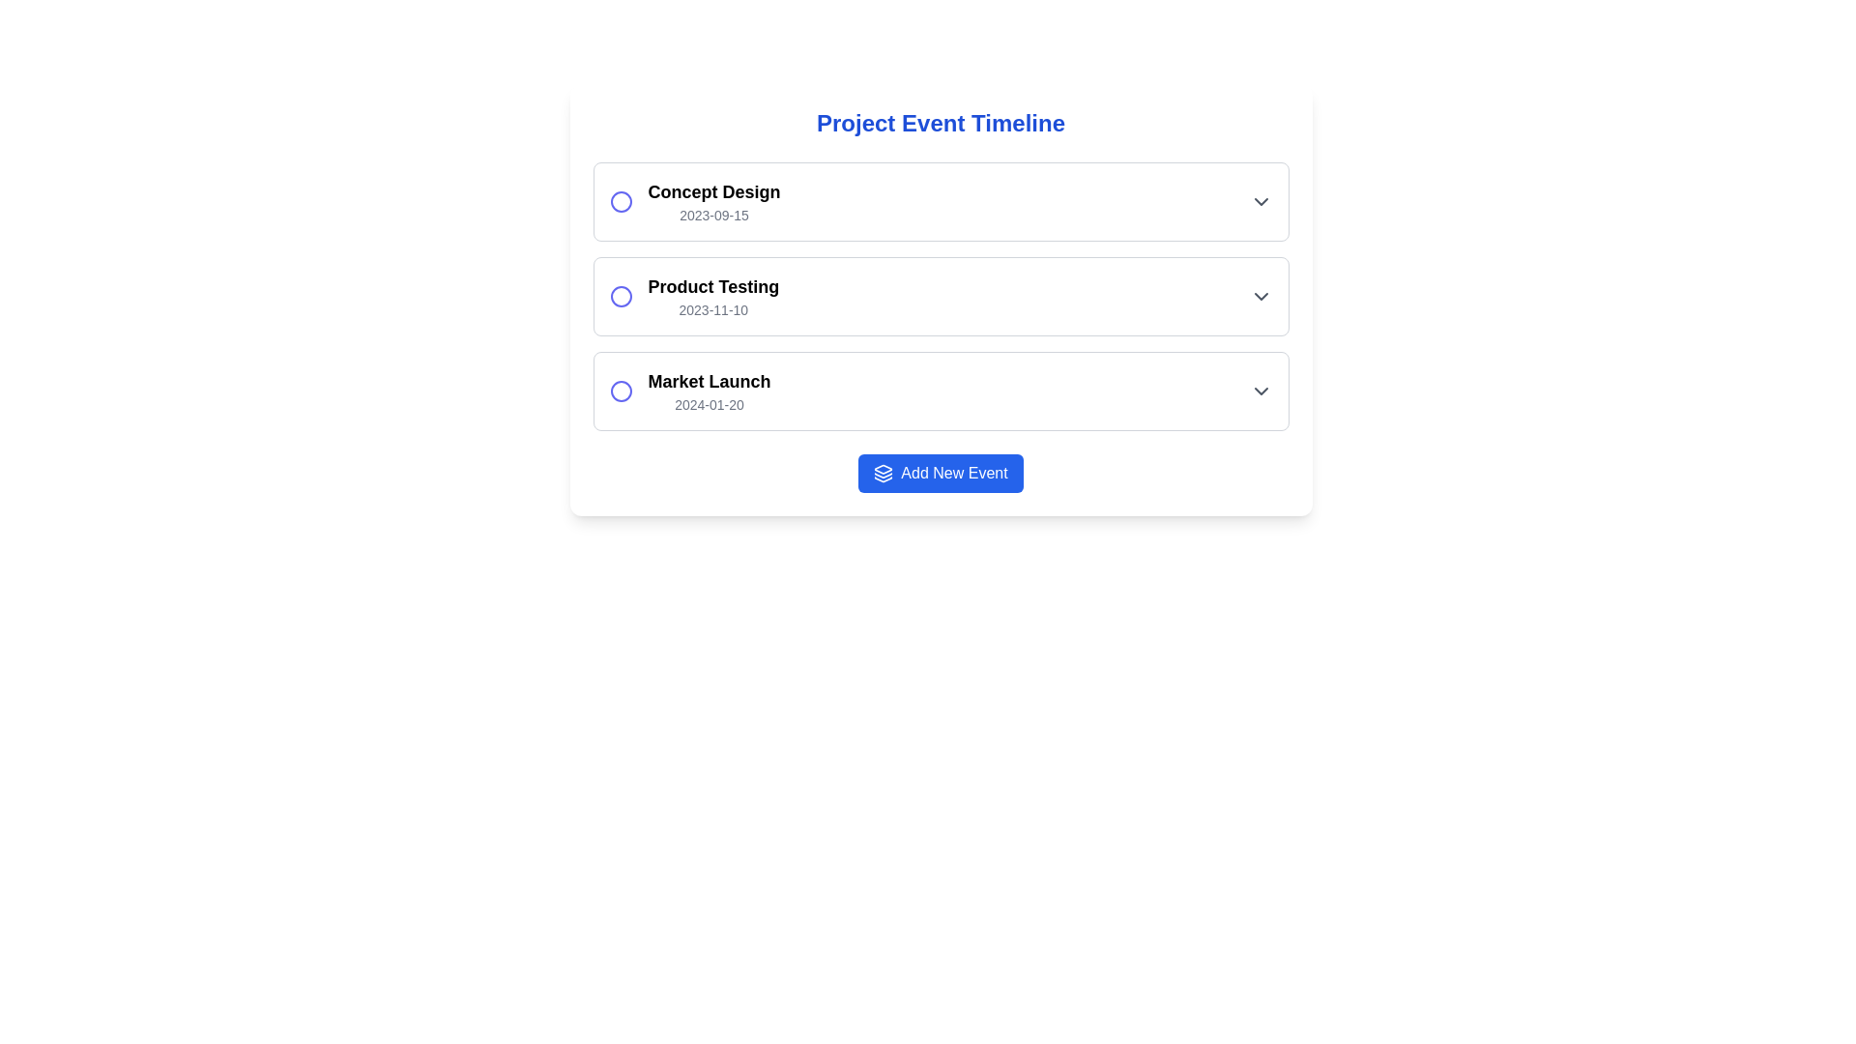  What do you see at coordinates (941, 301) in the screenshot?
I see `the second event block in the project timeline` at bounding box center [941, 301].